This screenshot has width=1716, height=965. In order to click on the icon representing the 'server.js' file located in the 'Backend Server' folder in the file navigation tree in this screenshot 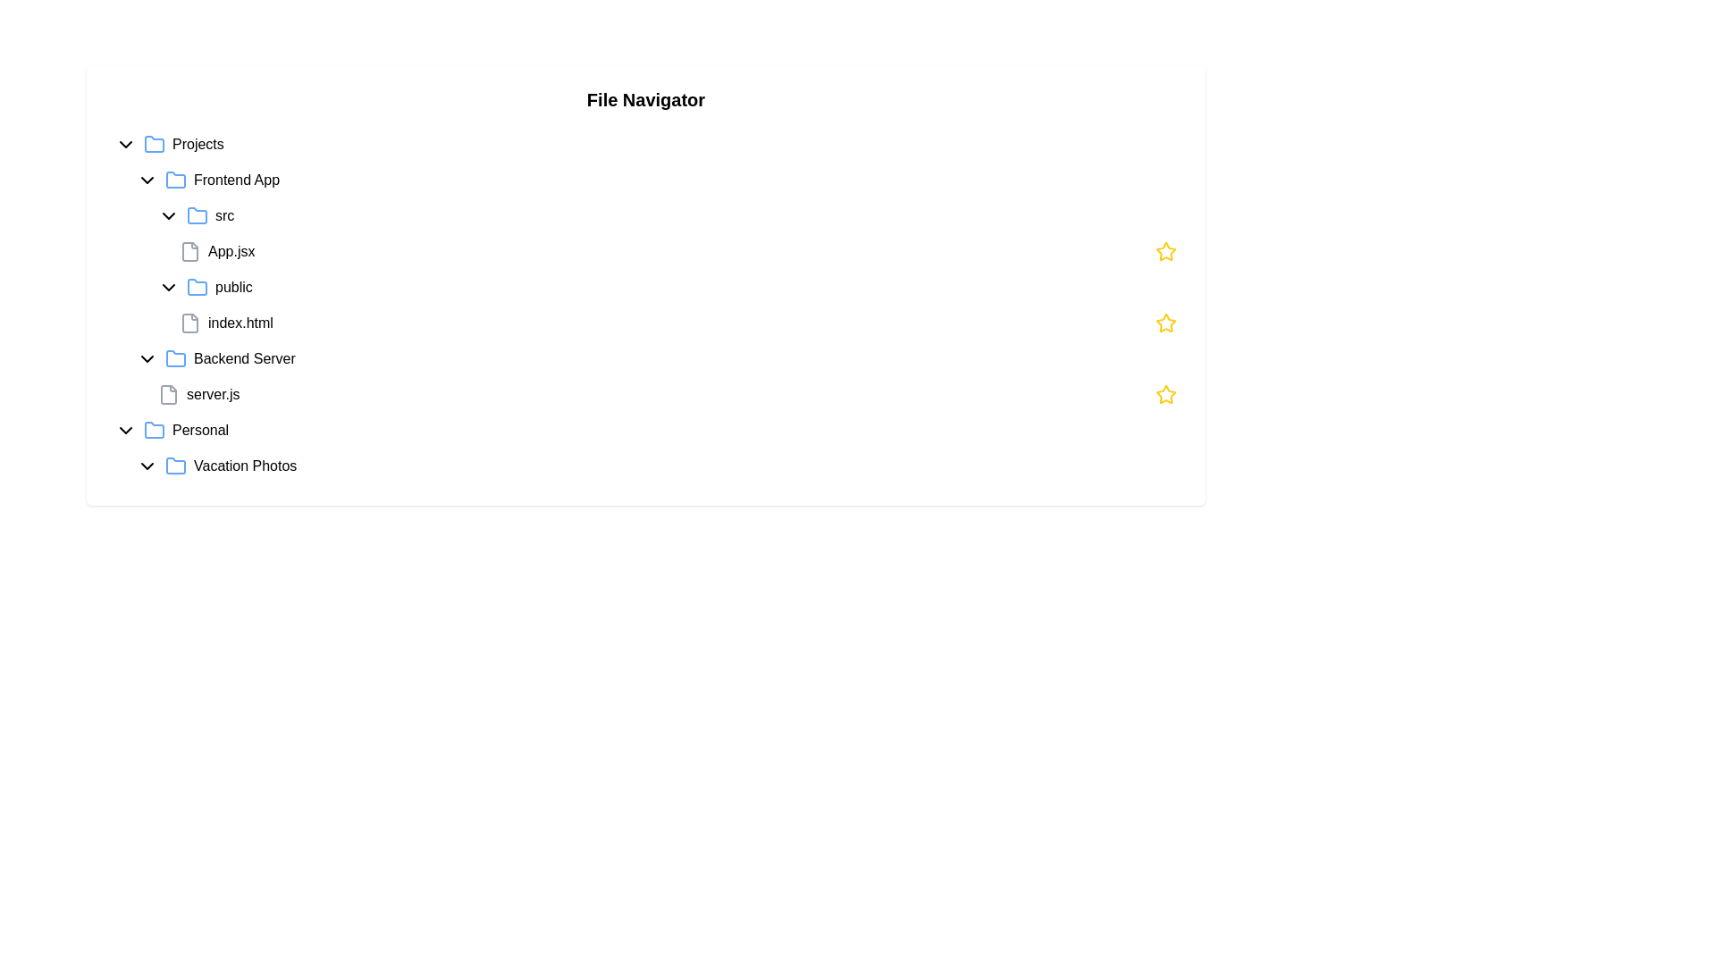, I will do `click(168, 394)`.